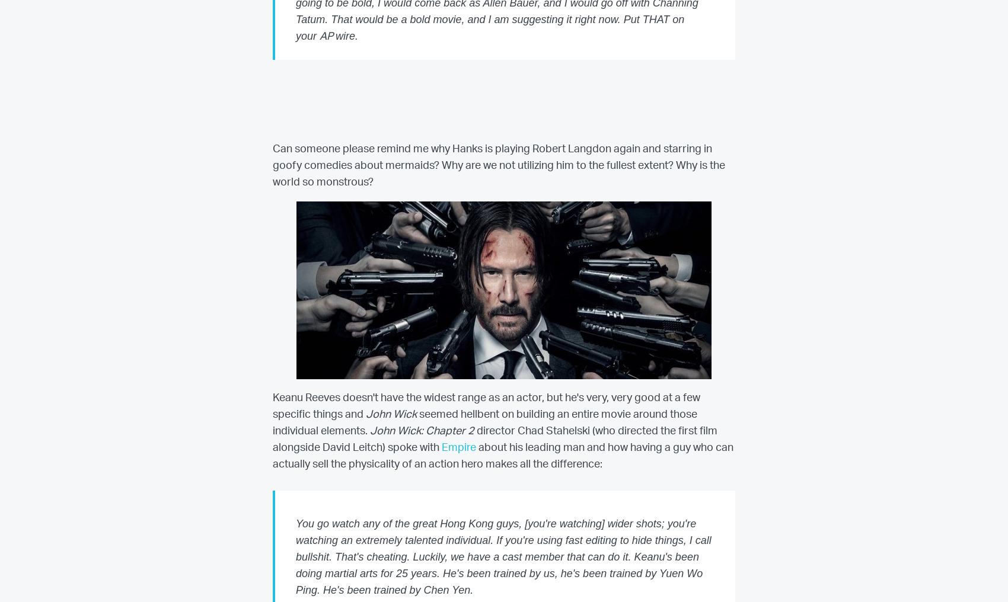 The width and height of the screenshot is (1008, 602). What do you see at coordinates (502, 556) in the screenshot?
I see `'You go watch any of the great Hong Kong guys, [you're watching] wider shots; you're watching an extremely talented individual. If you're using fast editing to hide things, I call bullshit. That's cheating. Luckily, we have a cast member that can do it. Keanu's been doing martial arts for 25 years. He's been trained by us, he's been trained by Yuen Wo Ping. He's been trained by Chen Yen.'` at bounding box center [502, 556].